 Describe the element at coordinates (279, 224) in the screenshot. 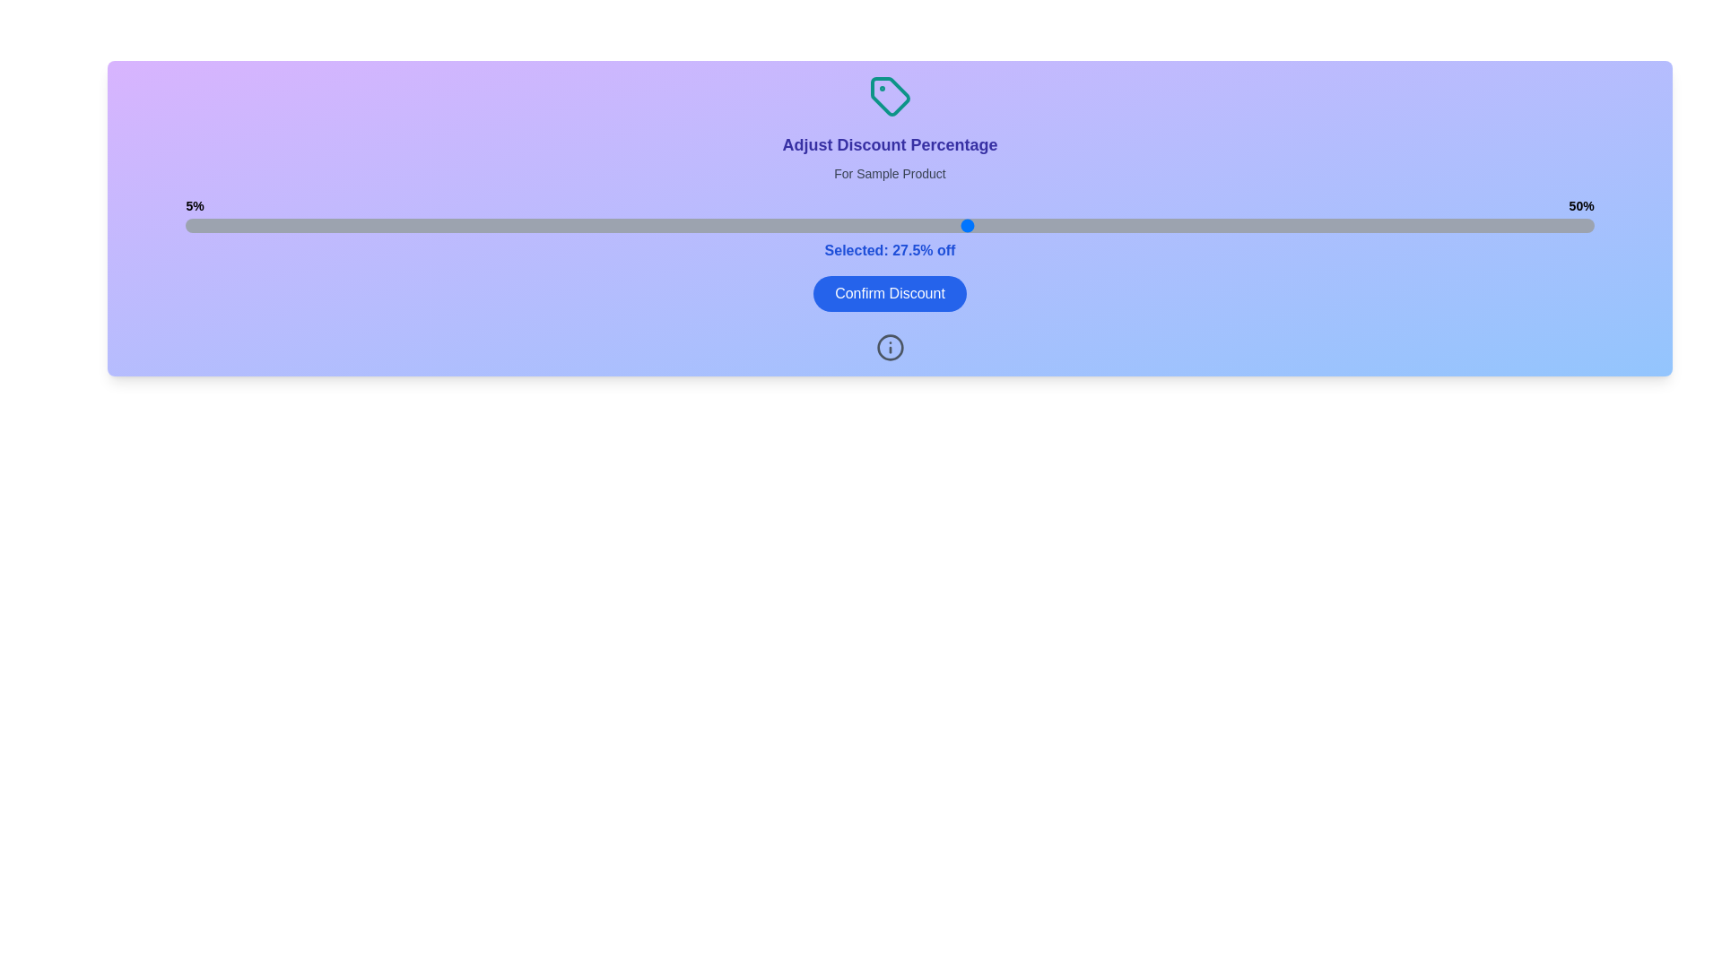

I see `the discount percentage` at that location.